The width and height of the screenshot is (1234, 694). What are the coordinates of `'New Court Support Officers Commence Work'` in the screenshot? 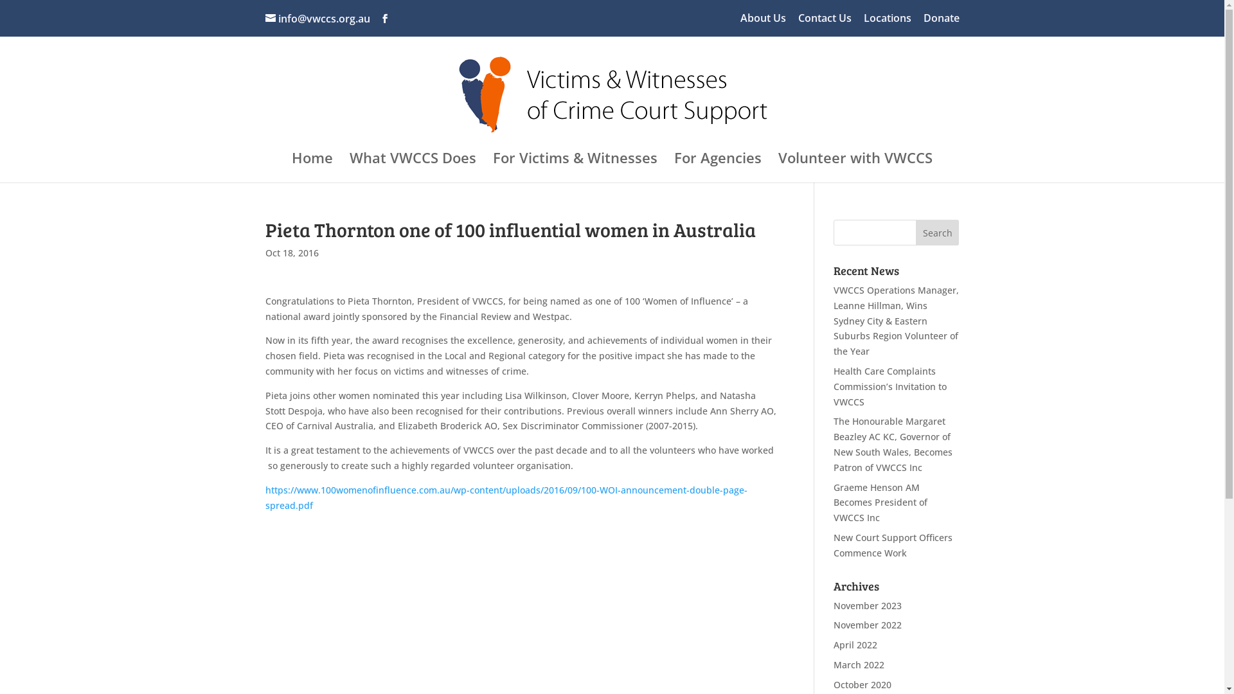 It's located at (892, 545).